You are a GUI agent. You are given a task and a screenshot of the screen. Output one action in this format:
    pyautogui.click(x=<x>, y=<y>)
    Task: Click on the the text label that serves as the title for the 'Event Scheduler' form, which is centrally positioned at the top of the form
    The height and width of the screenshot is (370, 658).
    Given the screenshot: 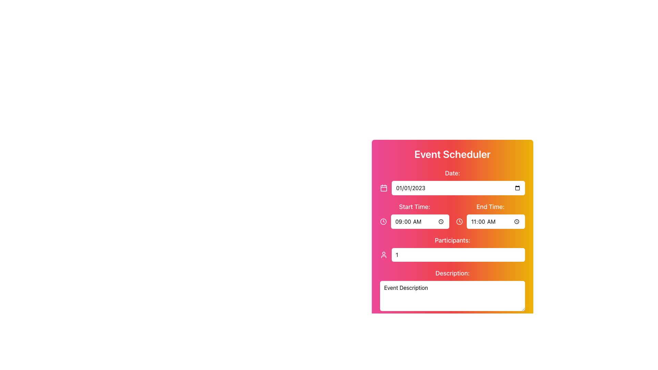 What is the action you would take?
    pyautogui.click(x=452, y=154)
    